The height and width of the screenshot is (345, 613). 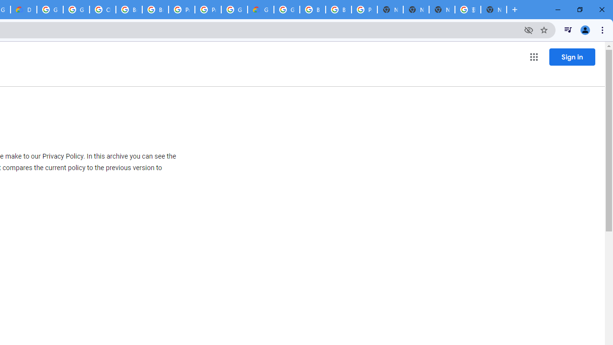 I want to click on 'Browse Chrome as a guest - Computer - Google Chrome Help', so click(x=128, y=10).